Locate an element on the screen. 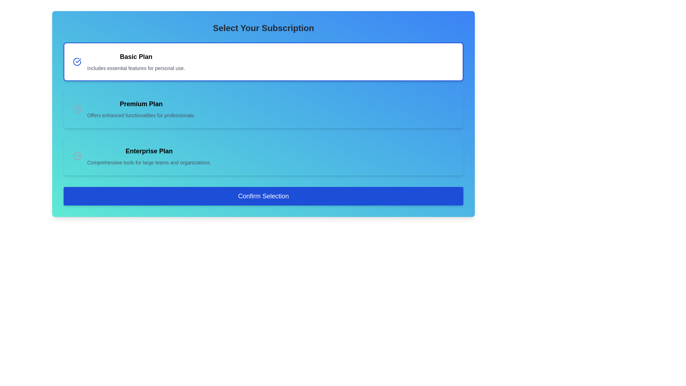 The image size is (686, 386). the Text Label providing additional descriptive information about the 'Basic Plan' option, which is centrally located under the heading 'Basic Plan' is located at coordinates (136, 68).